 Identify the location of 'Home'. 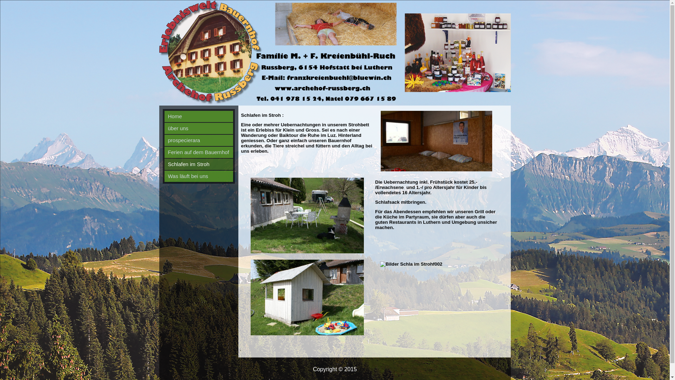
(198, 116).